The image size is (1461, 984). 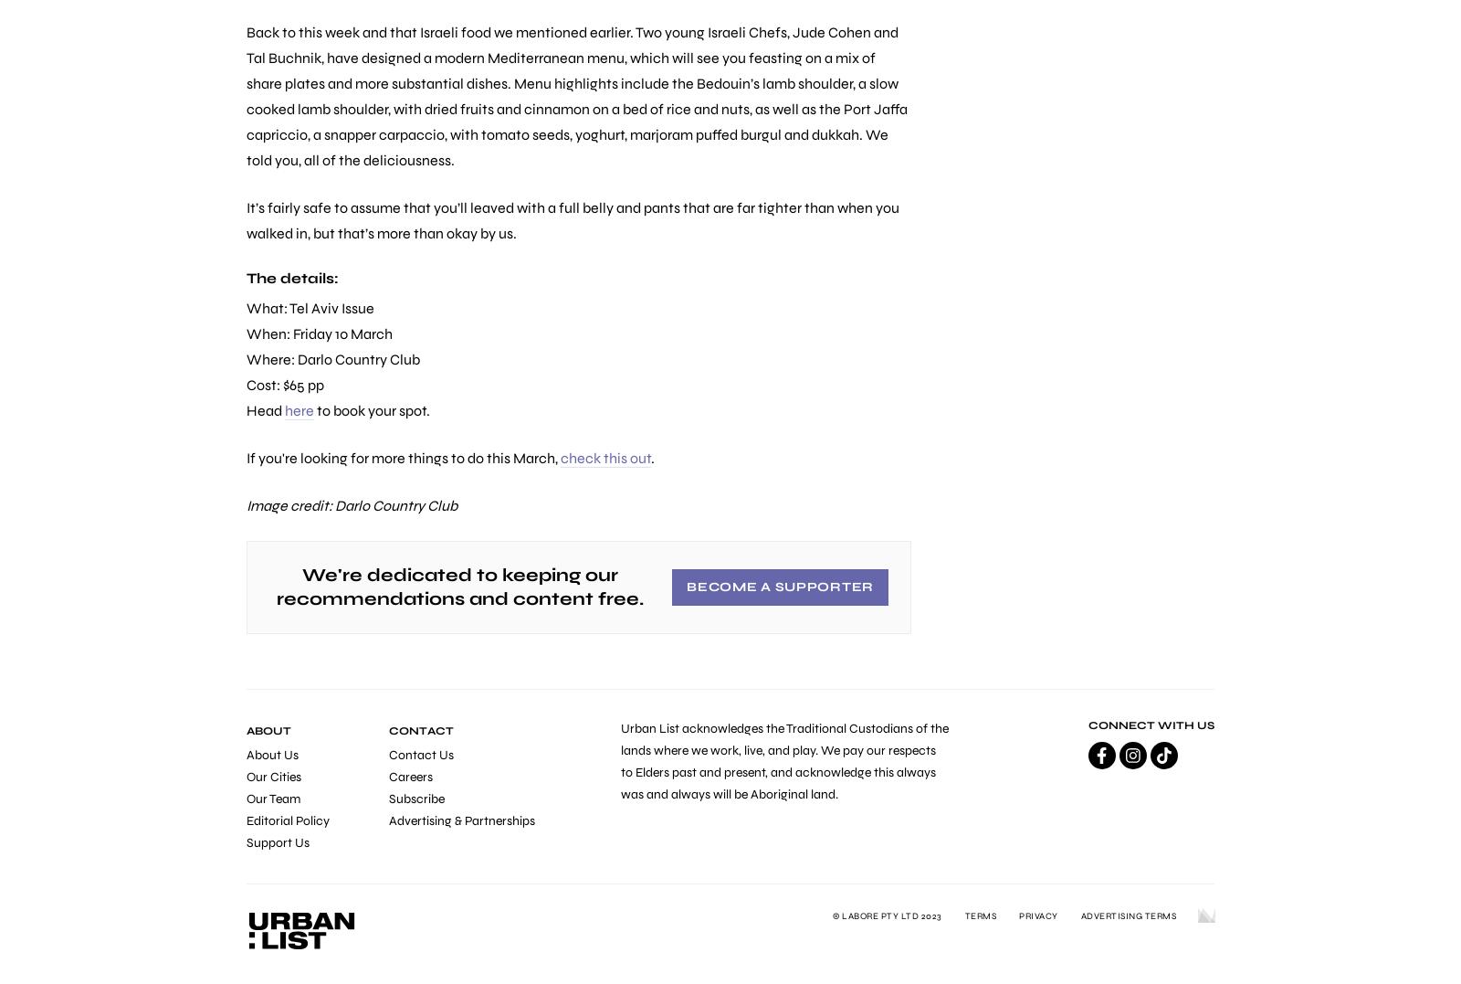 I want to click on 'Support Us', so click(x=278, y=841).